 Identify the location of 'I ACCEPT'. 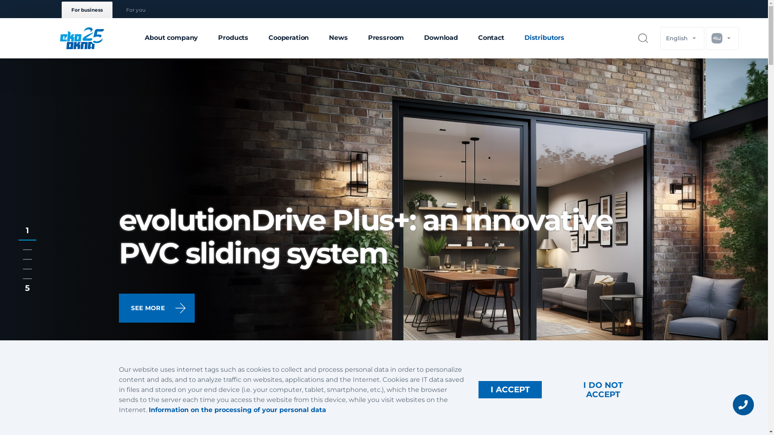
(510, 389).